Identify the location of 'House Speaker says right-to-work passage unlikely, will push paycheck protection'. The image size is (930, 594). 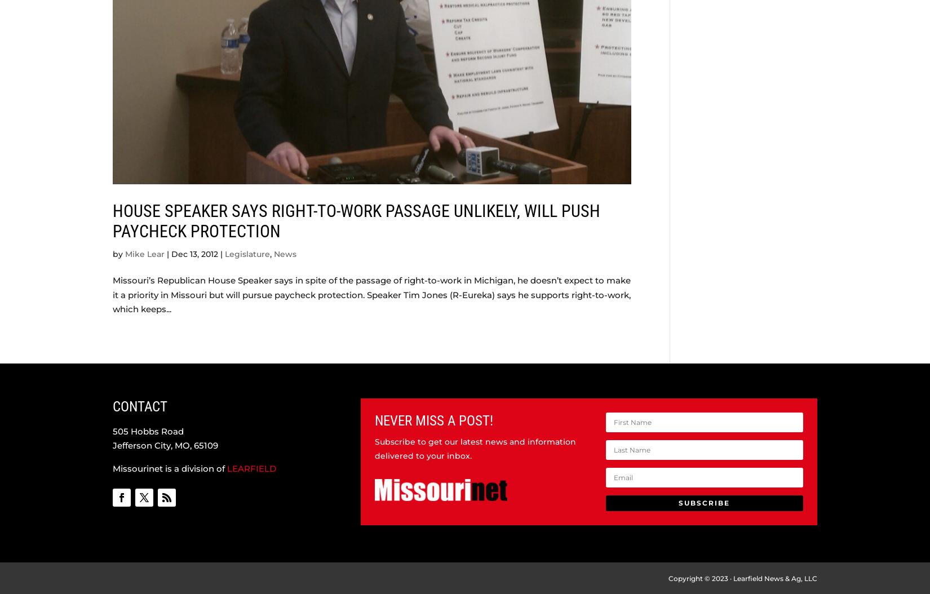
(112, 220).